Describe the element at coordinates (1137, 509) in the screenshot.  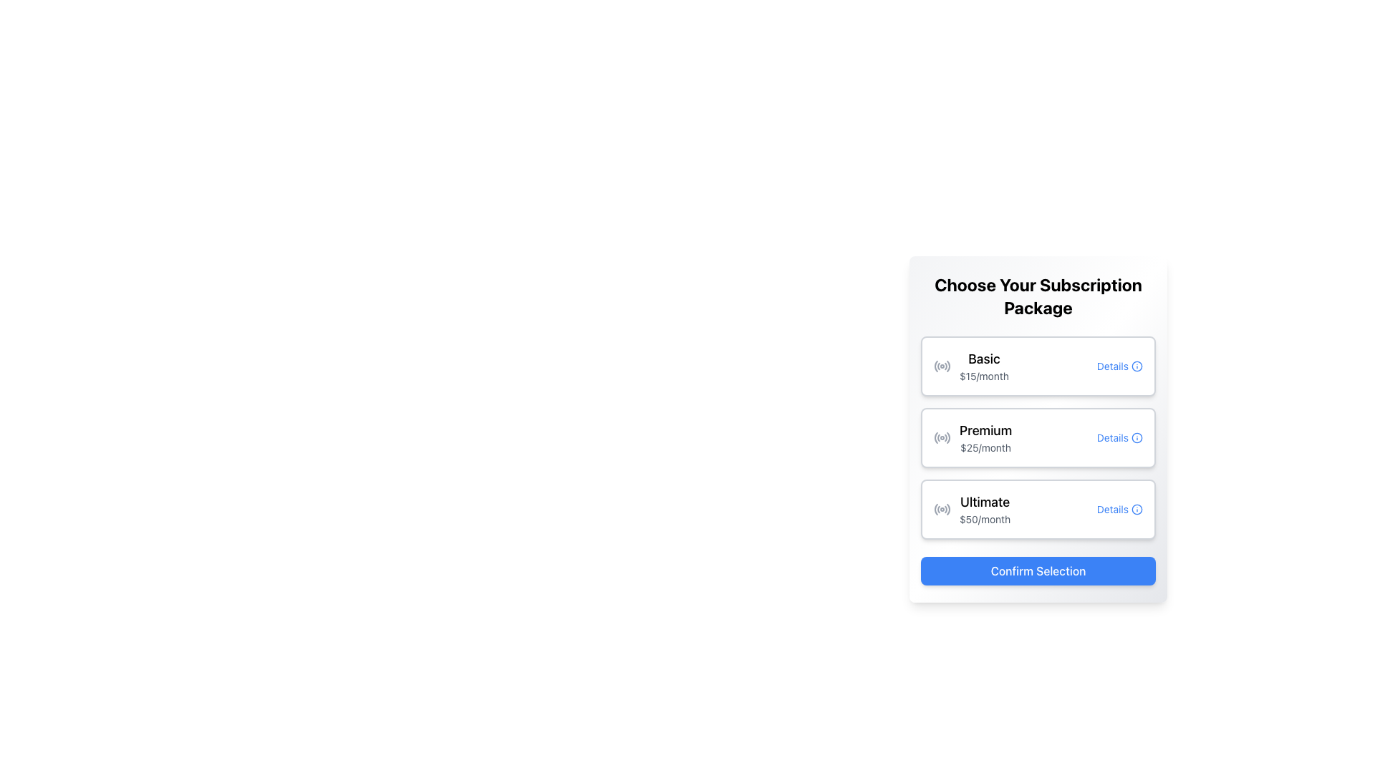
I see `the blue circular informational icon with an outlined 'i' located to the right of the 'Details' text in the subscription options for 'Ultimate – $50/month' to possibly view a tooltip` at that location.